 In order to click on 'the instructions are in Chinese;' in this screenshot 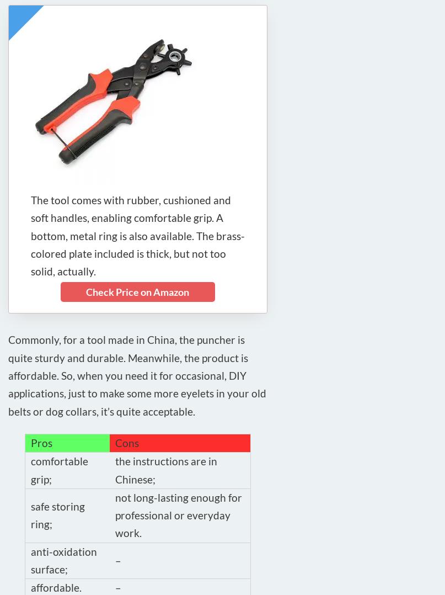, I will do `click(165, 469)`.